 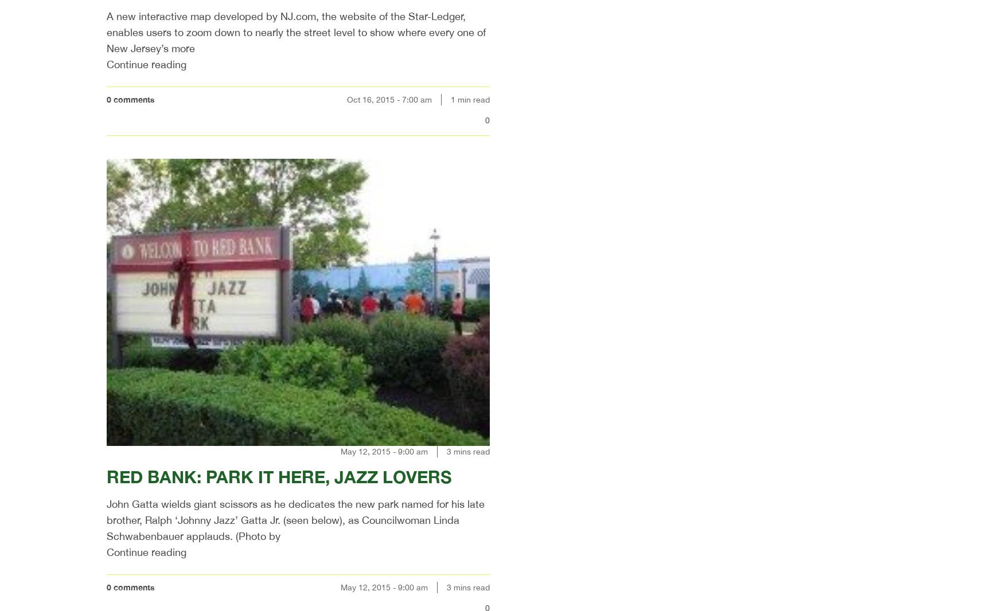 I want to click on '1 min read', so click(x=470, y=99).